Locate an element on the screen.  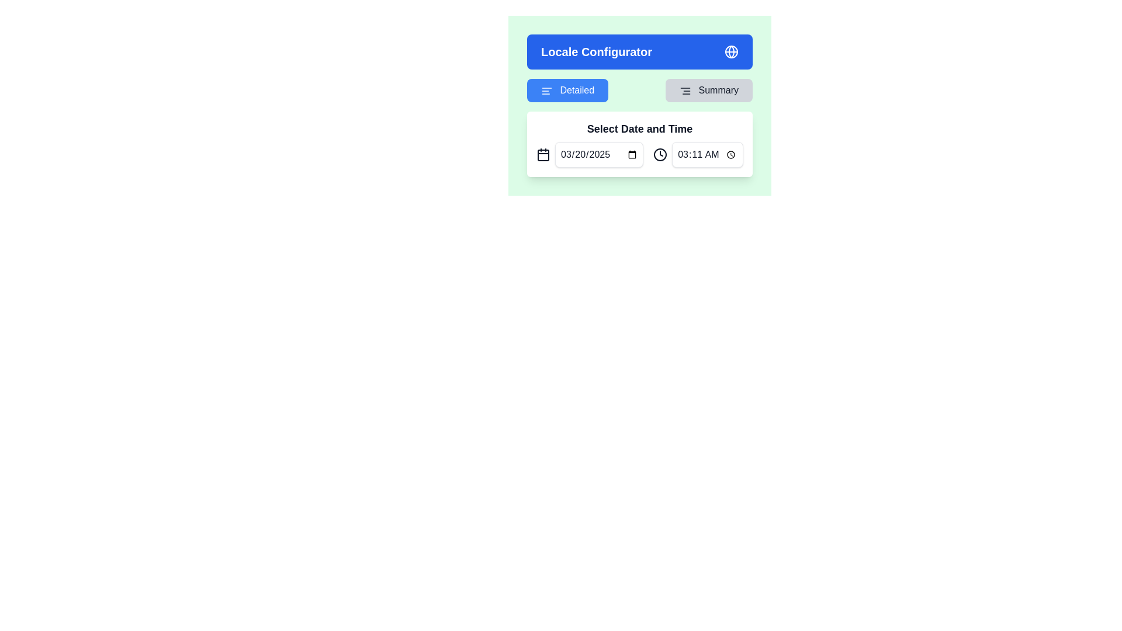
the SVG Circle element that represents part of the globe icon located on the right side of the blue header bar containing the text 'Locale Configurator' is located at coordinates (731, 51).